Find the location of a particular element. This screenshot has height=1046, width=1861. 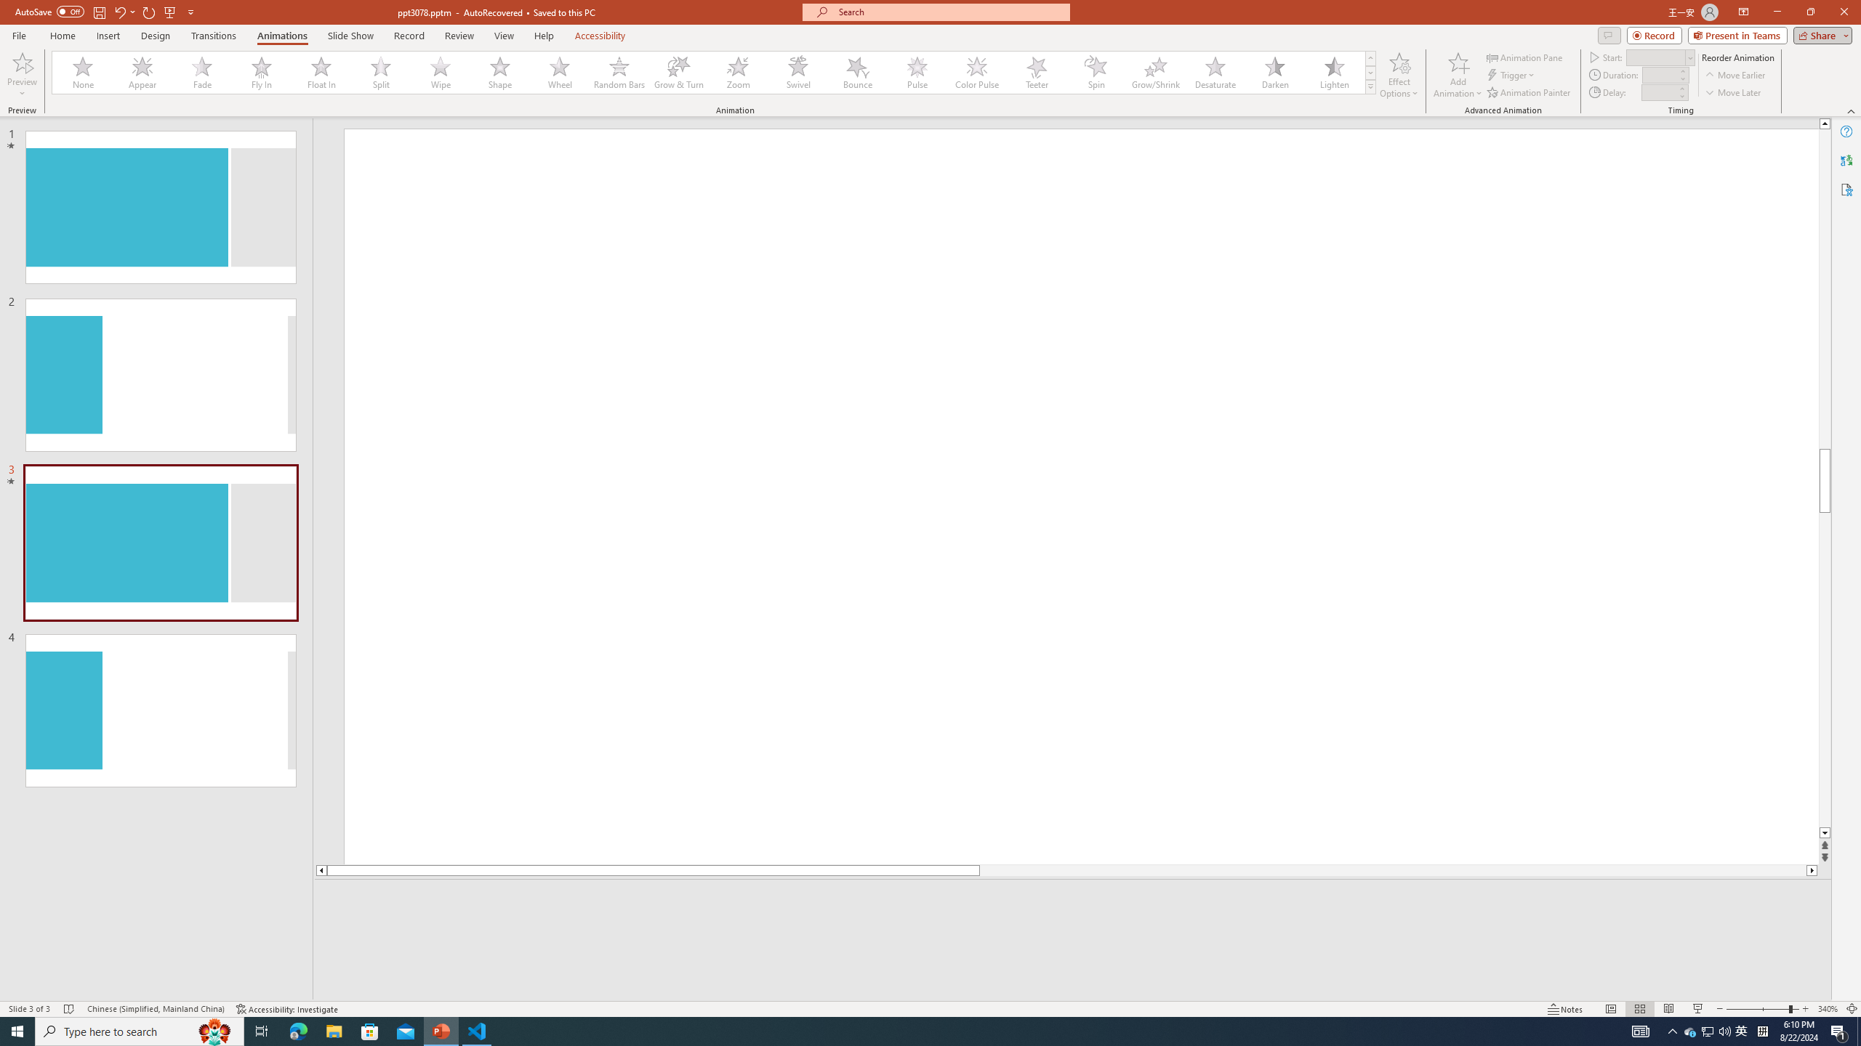

'Teeter' is located at coordinates (1035, 72).